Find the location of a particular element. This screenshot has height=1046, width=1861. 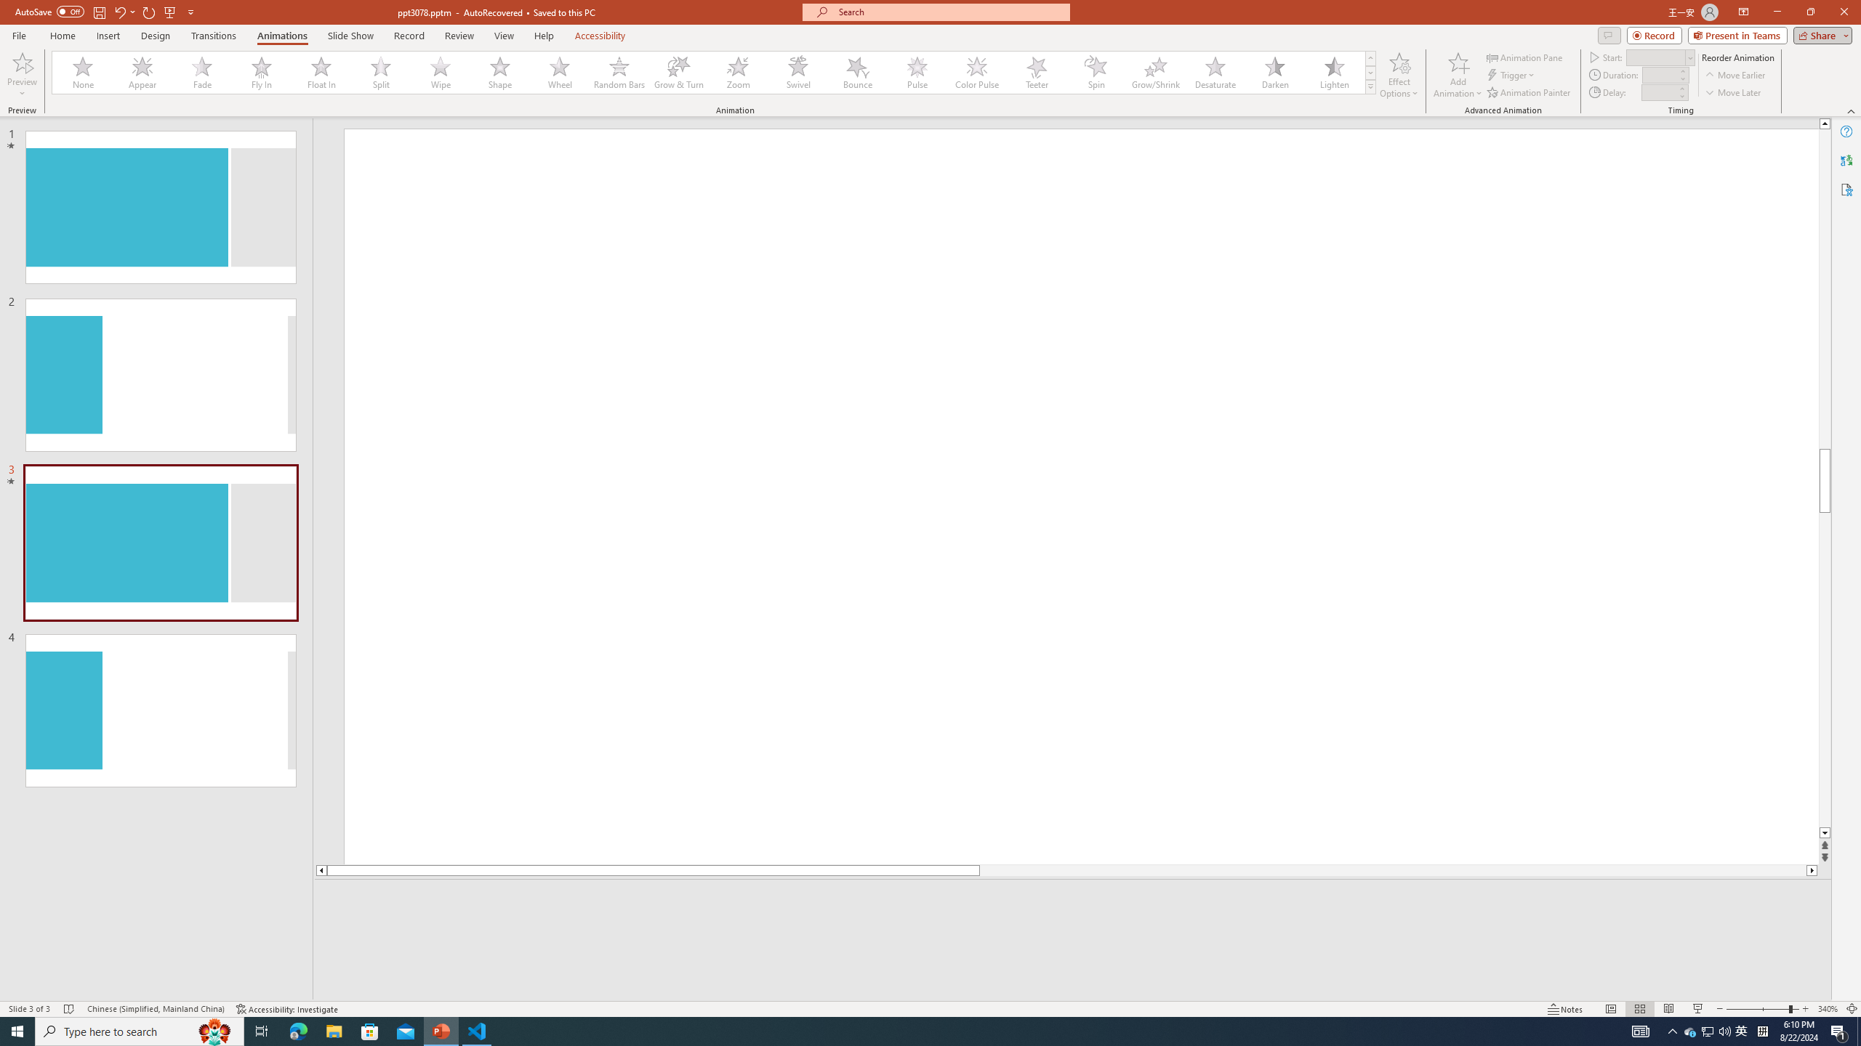

'Teeter' is located at coordinates (1035, 72).